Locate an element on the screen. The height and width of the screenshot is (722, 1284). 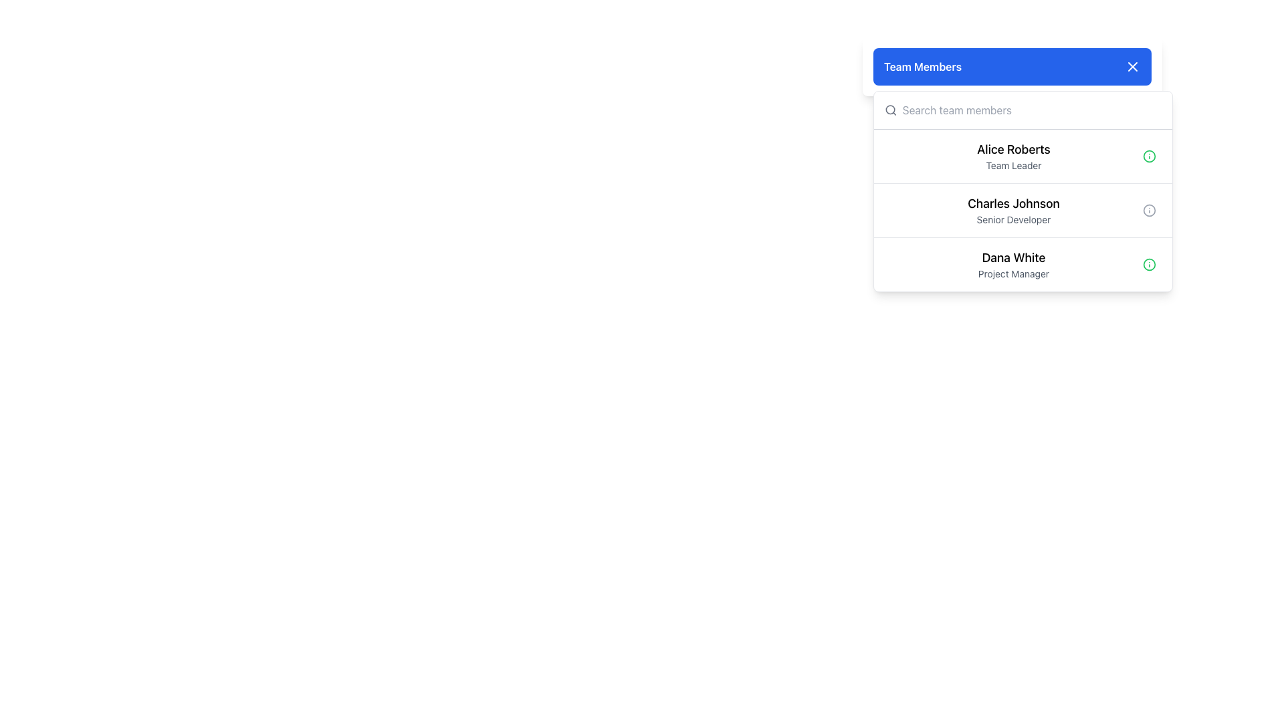
the third entry in the team member list, which displays a name and title is located at coordinates (1014, 265).